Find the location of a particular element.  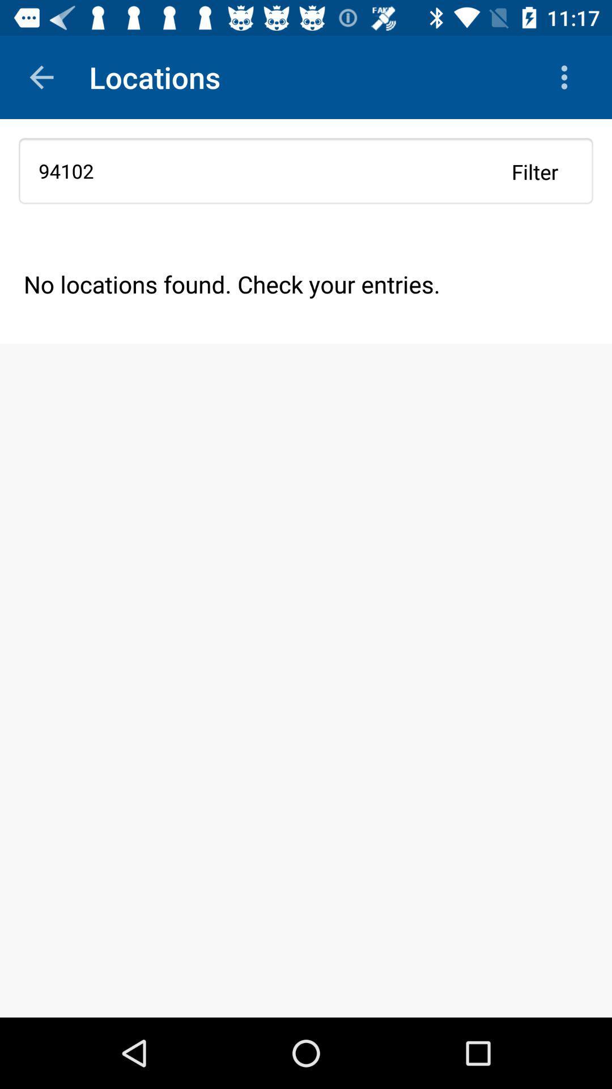

the no locations found app is located at coordinates (306, 284).